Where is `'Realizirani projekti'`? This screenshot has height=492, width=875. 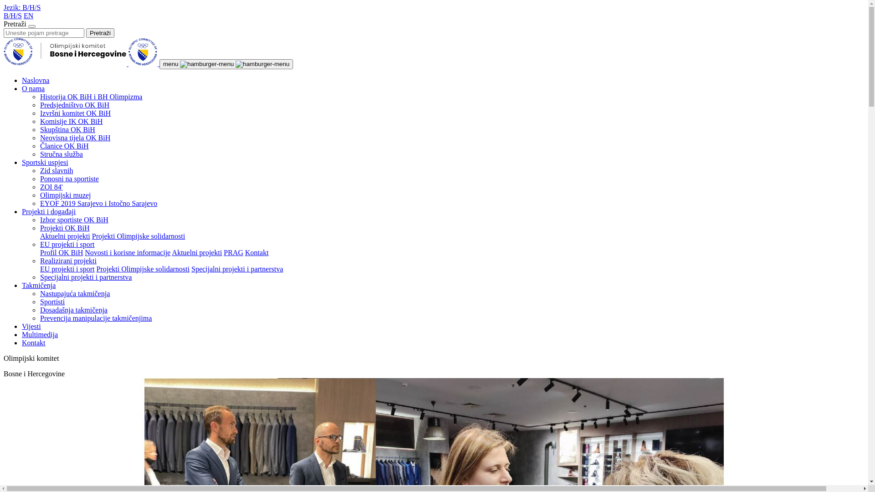
'Realizirani projekti' is located at coordinates (67, 261).